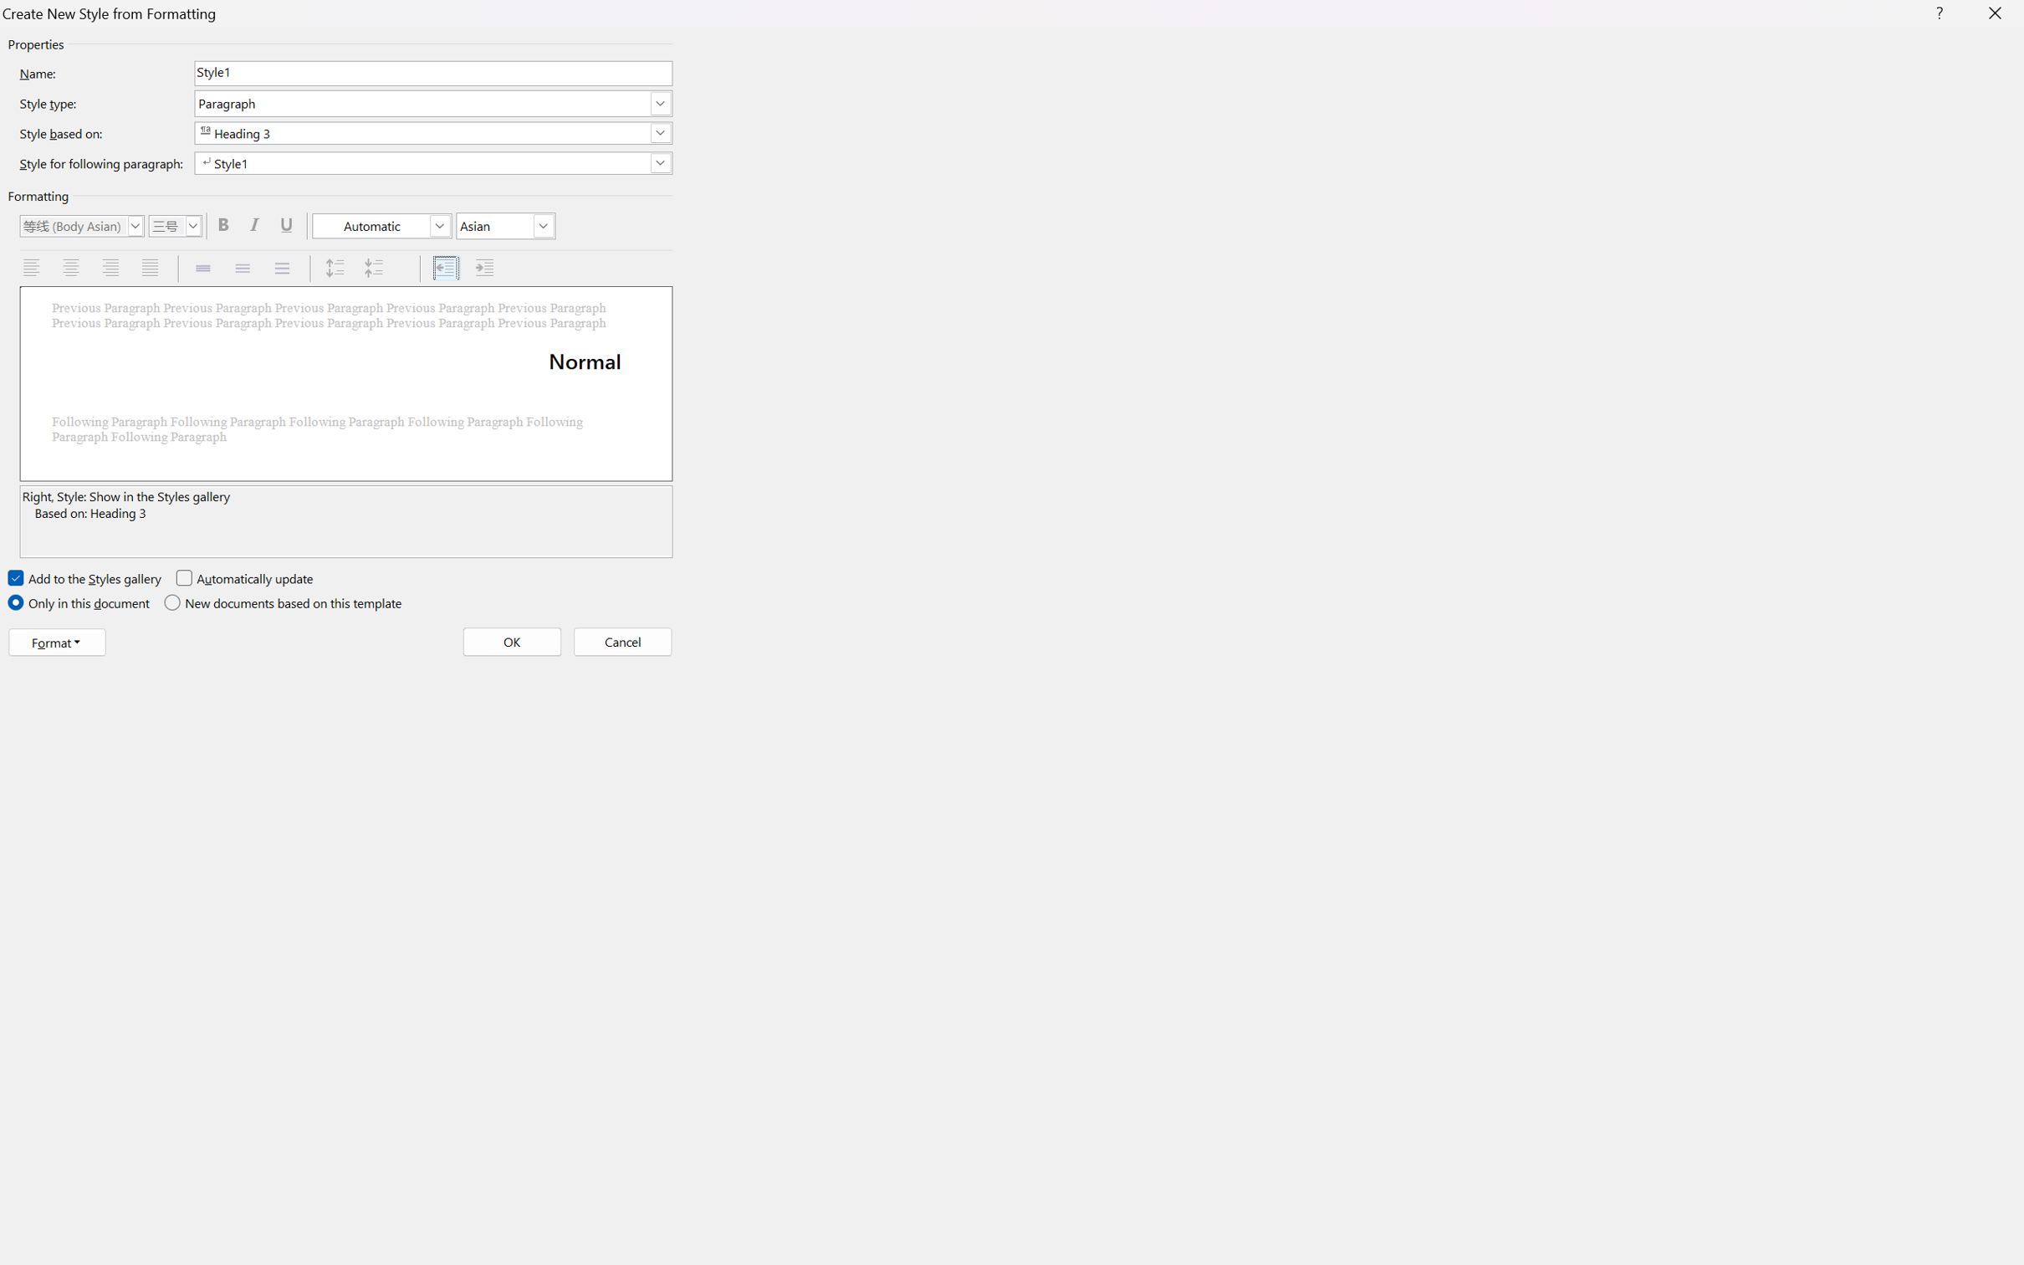 This screenshot has width=2024, height=1265. What do you see at coordinates (84, 579) in the screenshot?
I see `'Add to the Styles gallery'` at bounding box center [84, 579].